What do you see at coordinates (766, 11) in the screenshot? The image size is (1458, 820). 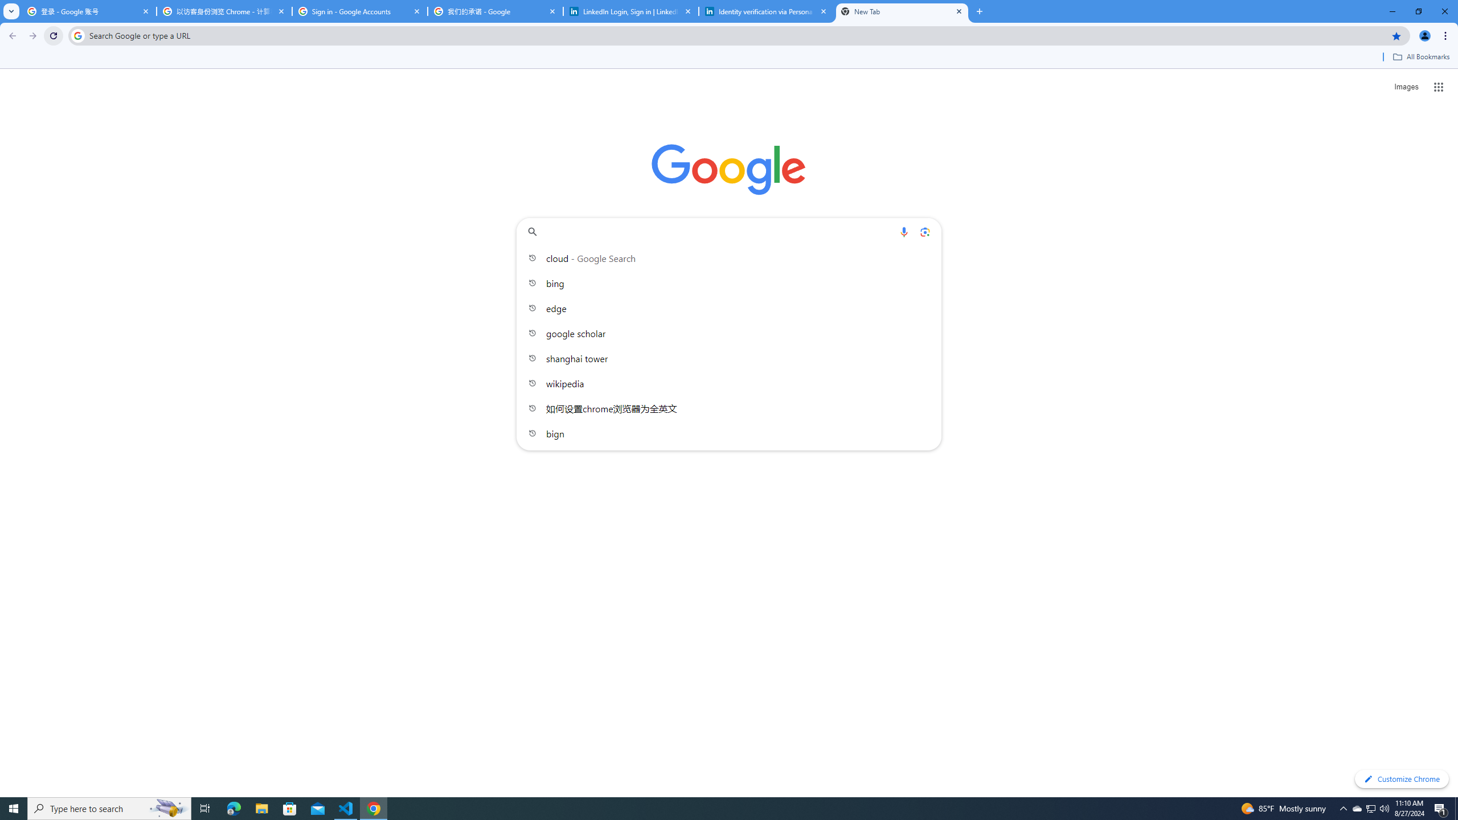 I see `'Identity verification via Persona | LinkedIn Help'` at bounding box center [766, 11].